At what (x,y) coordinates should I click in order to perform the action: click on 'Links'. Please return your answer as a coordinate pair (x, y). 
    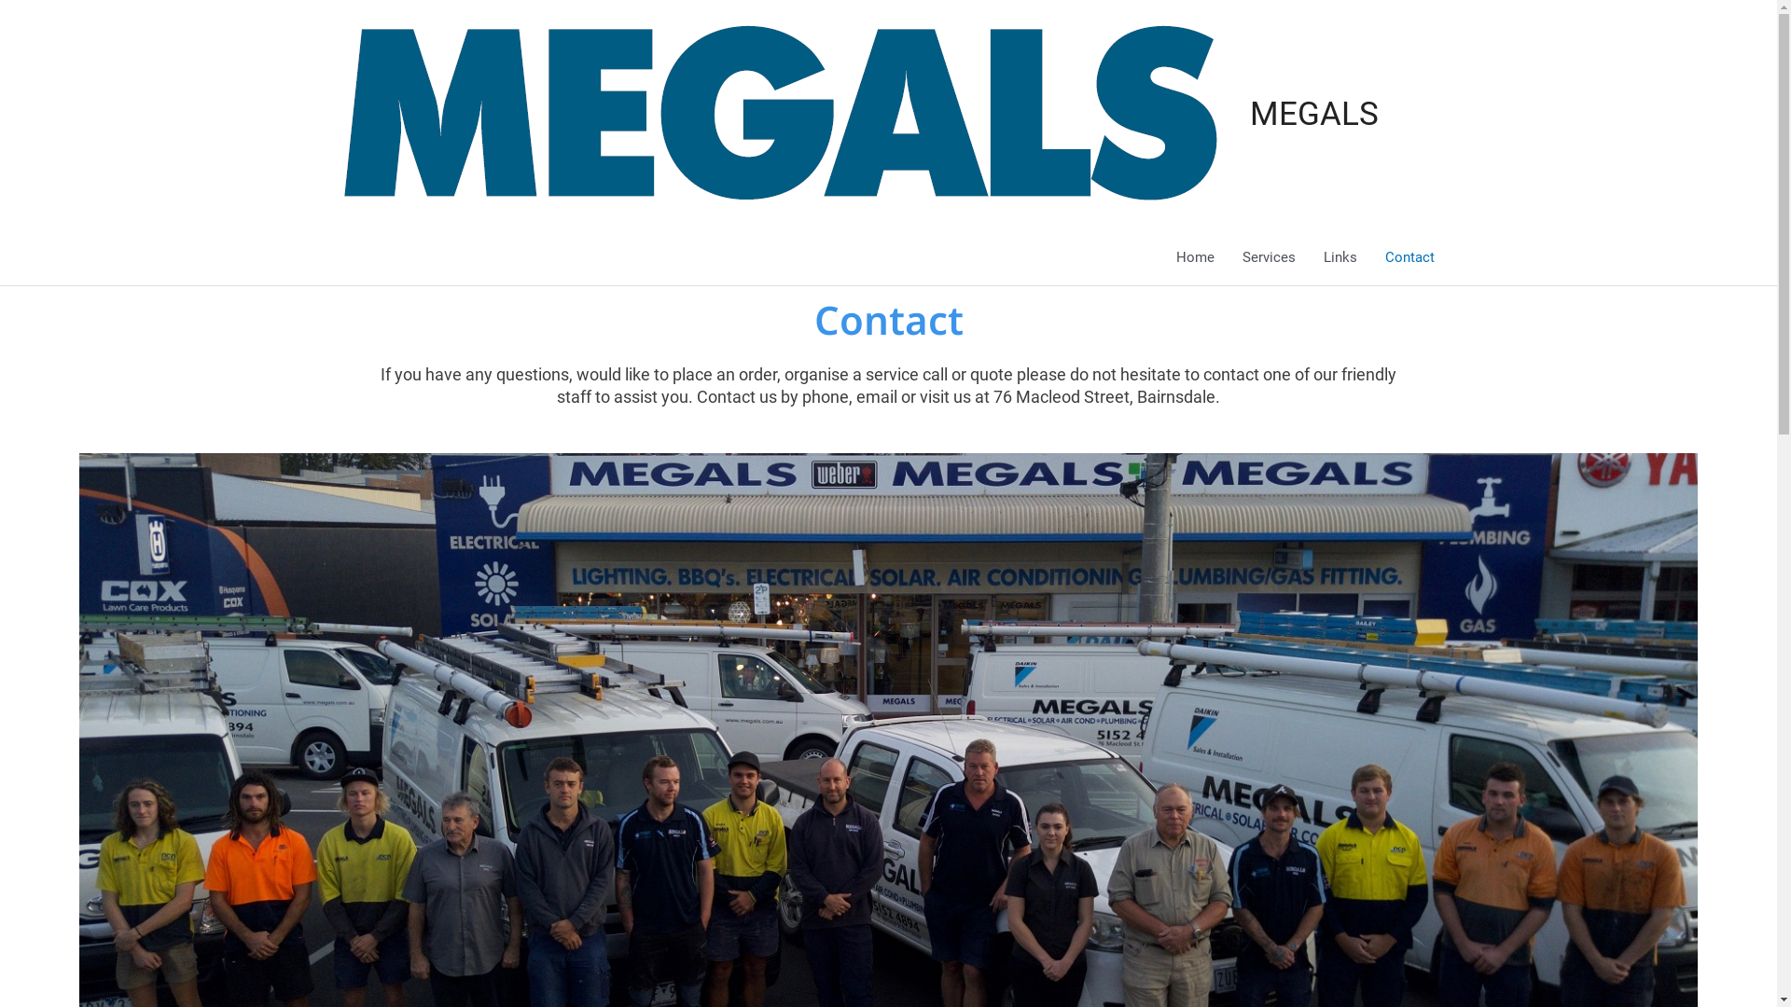
    Looking at the image, I should click on (1339, 257).